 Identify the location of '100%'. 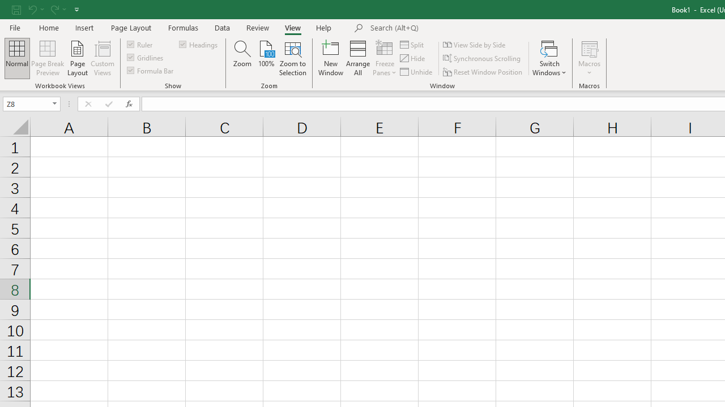
(266, 58).